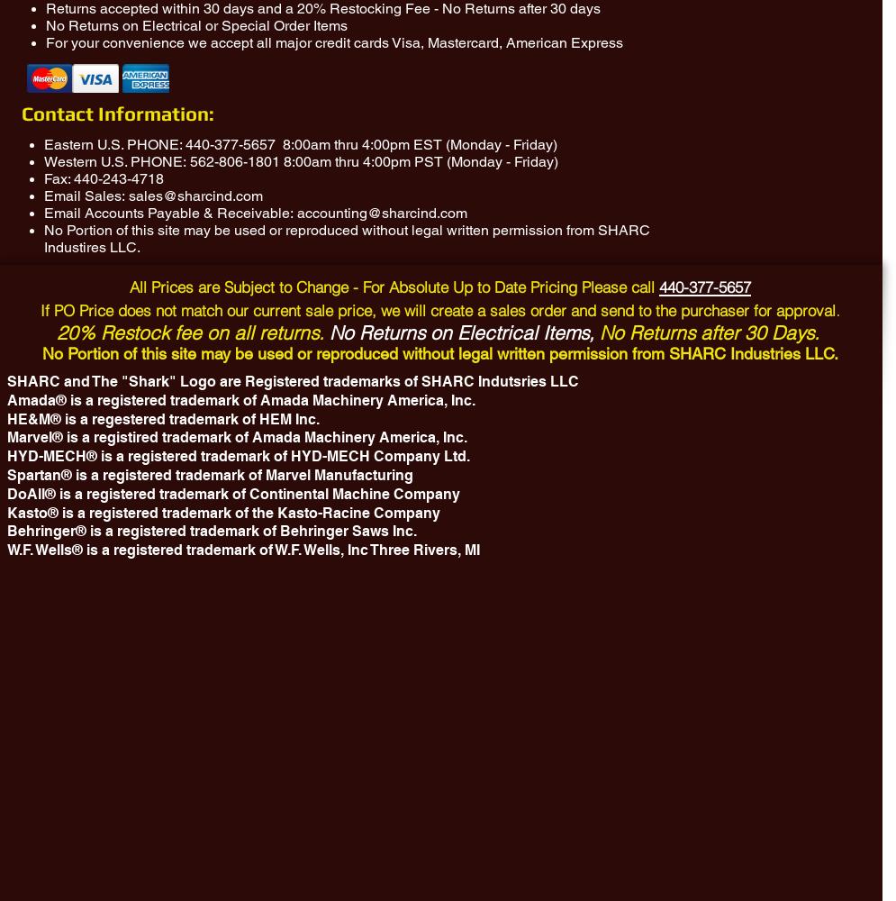 This screenshot has width=896, height=901. Describe the element at coordinates (116, 161) in the screenshot. I see `'Western U.S. PHONE:'` at that location.